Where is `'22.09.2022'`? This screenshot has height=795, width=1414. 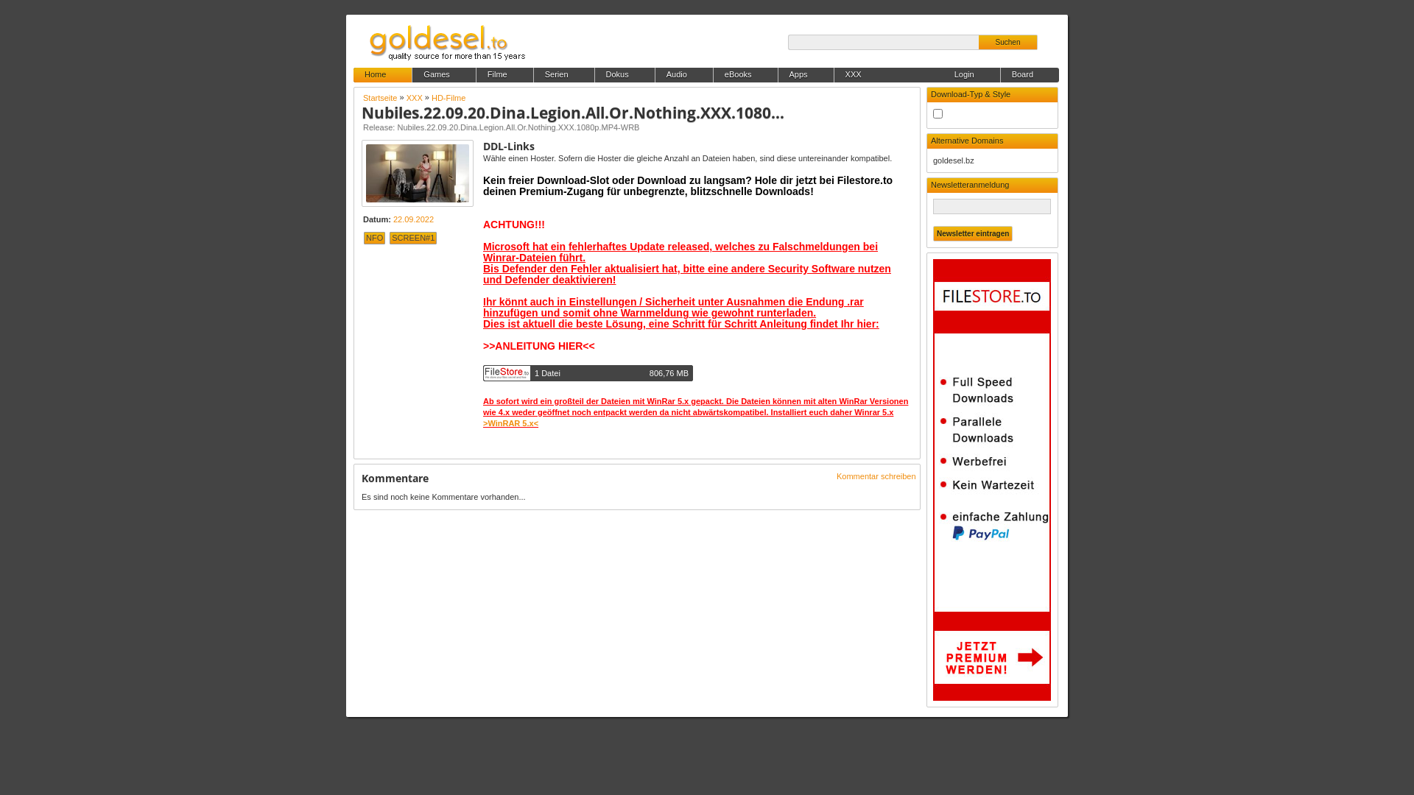 '22.09.2022' is located at coordinates (393, 219).